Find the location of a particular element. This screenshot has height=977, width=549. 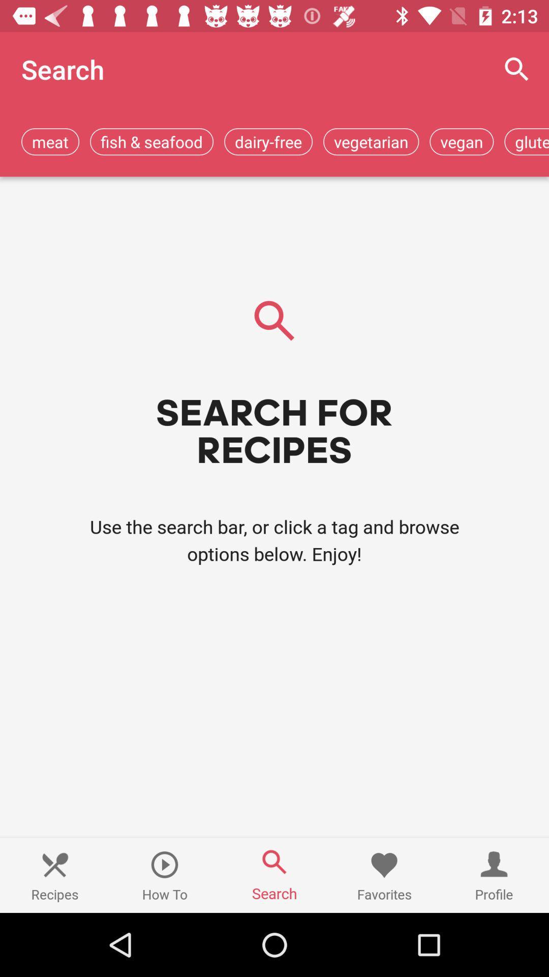

the item next to fish & seafood icon is located at coordinates (50, 141).